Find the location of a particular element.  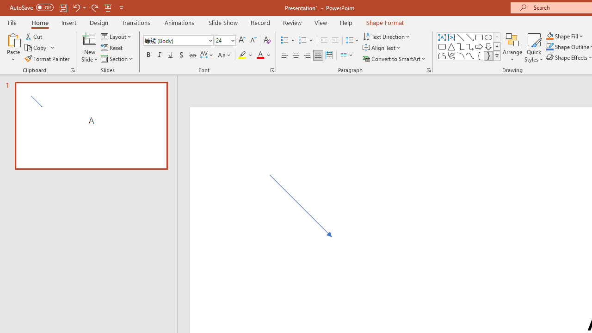

'Arrange' is located at coordinates (512, 48).